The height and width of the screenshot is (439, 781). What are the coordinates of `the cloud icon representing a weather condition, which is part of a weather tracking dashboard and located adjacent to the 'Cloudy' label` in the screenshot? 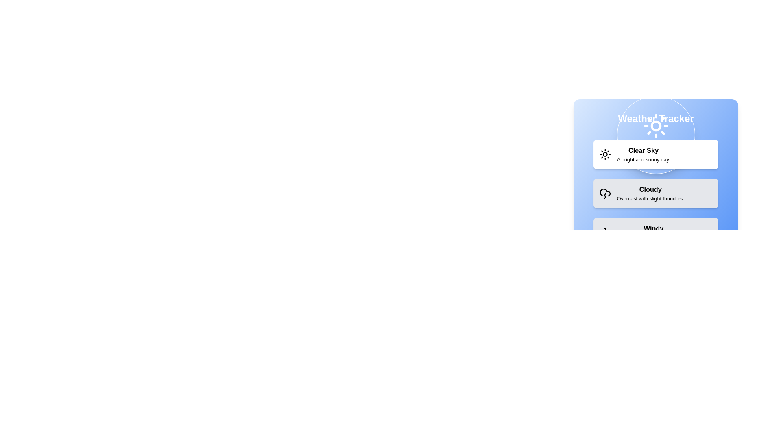 It's located at (605, 192).